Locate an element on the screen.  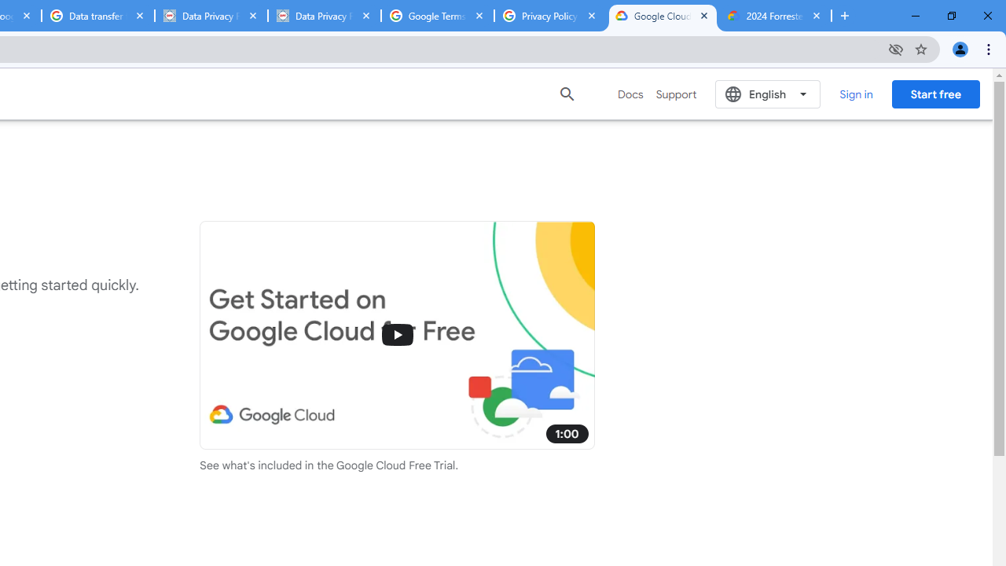
'Support' is located at coordinates (676, 94).